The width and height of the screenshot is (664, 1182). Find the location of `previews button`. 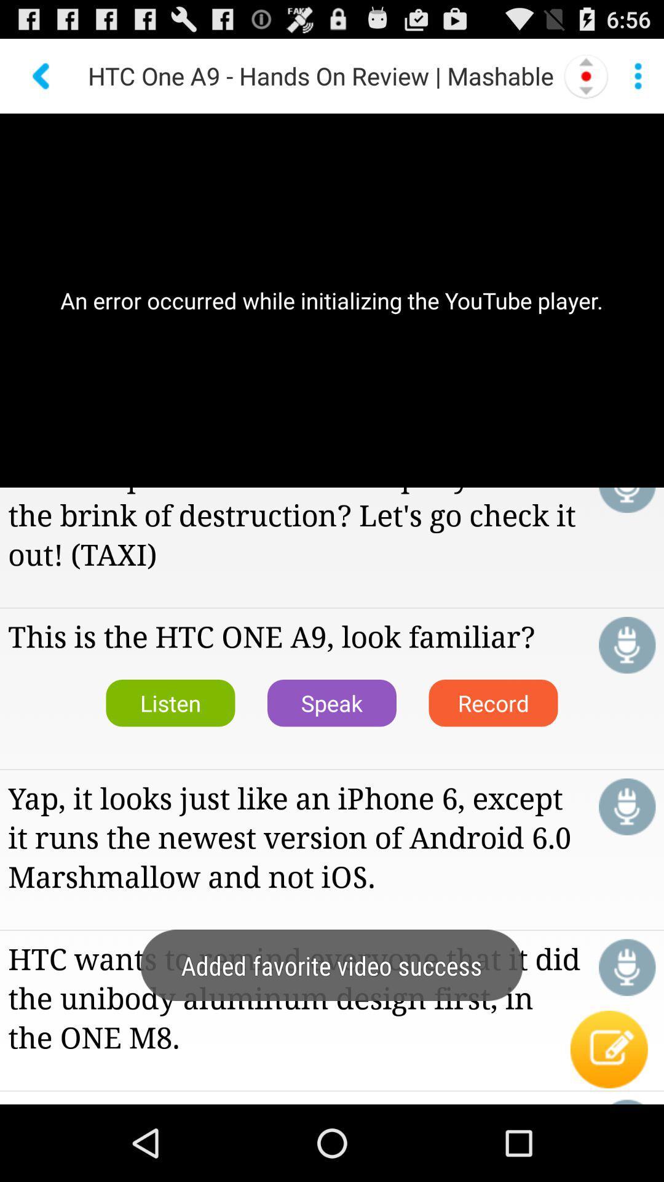

previews button is located at coordinates (42, 75).